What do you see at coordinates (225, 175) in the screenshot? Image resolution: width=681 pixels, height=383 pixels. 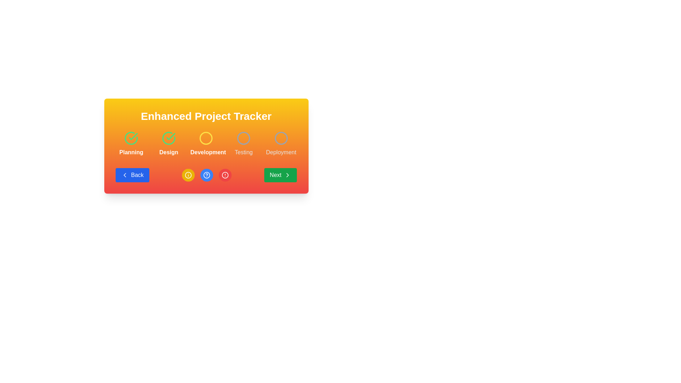 I see `the white circular alert symbol icon on a red button located at the bottom section of the card-like interface` at bounding box center [225, 175].